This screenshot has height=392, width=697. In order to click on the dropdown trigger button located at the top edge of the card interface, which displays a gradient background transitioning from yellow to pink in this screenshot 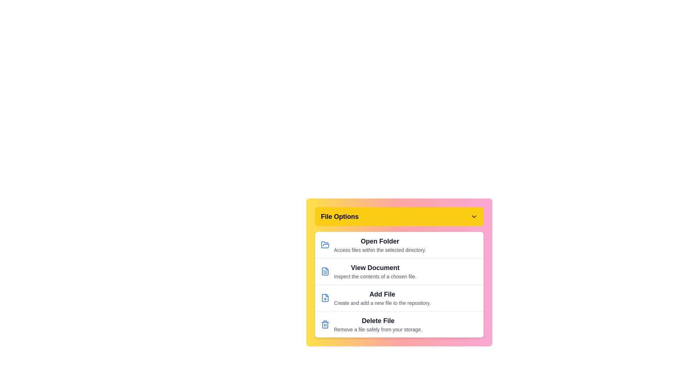, I will do `click(399, 216)`.